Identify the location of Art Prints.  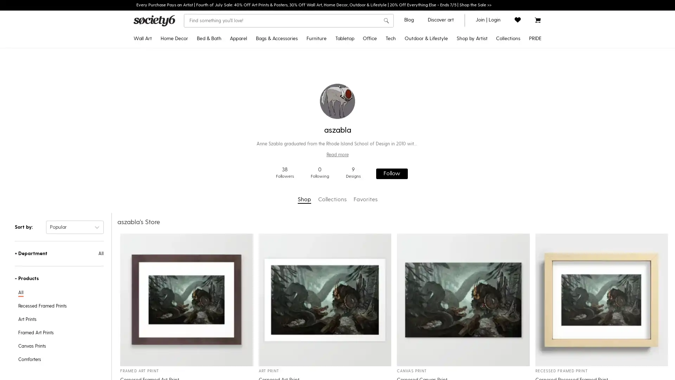
(165, 56).